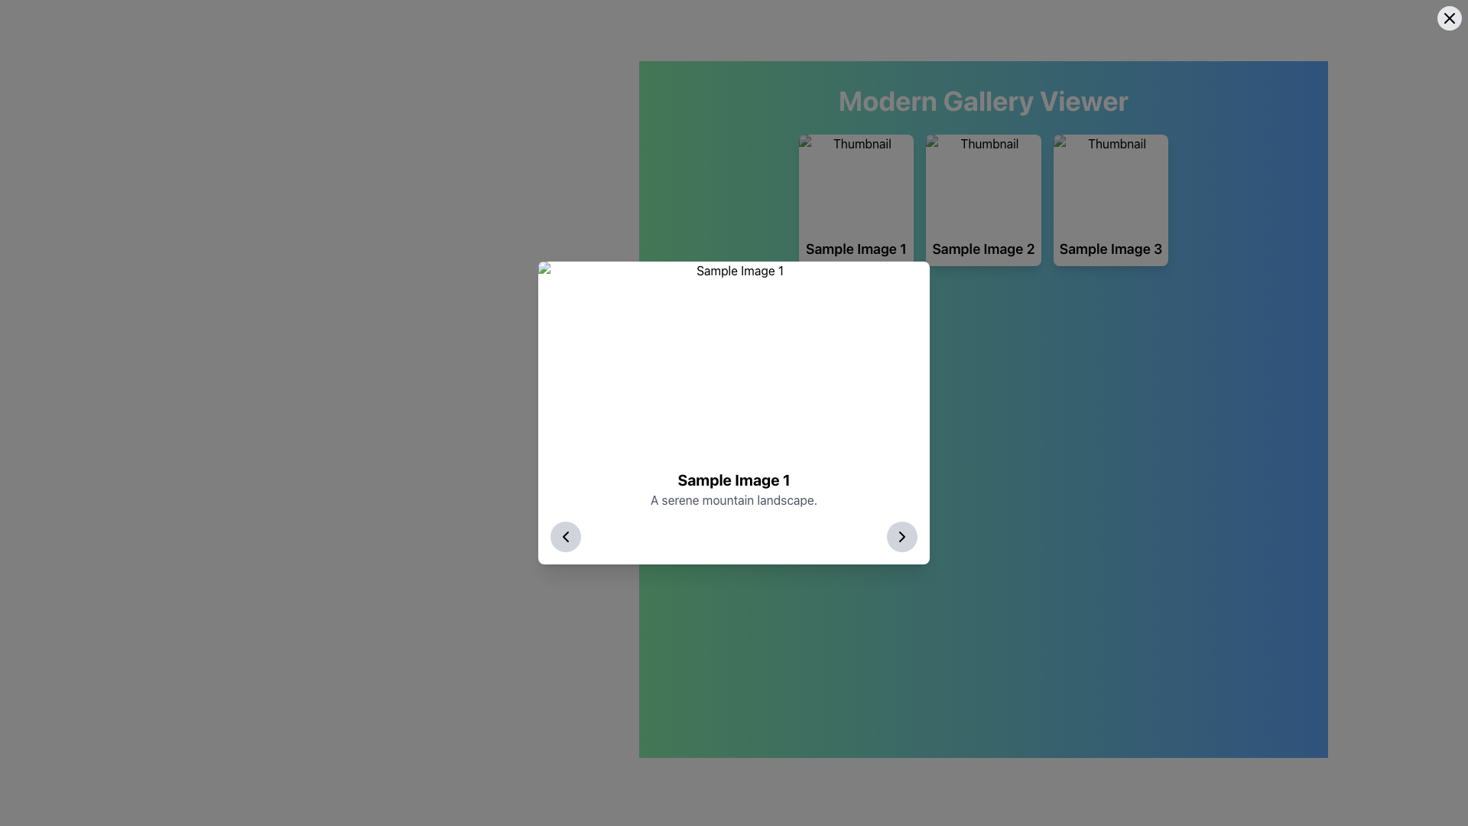 The width and height of the screenshot is (1468, 826). I want to click on the right-pointing chevron icon within the circular button located at the bottom-right corner of the modal dialogue box to observe hover effects, so click(902, 536).